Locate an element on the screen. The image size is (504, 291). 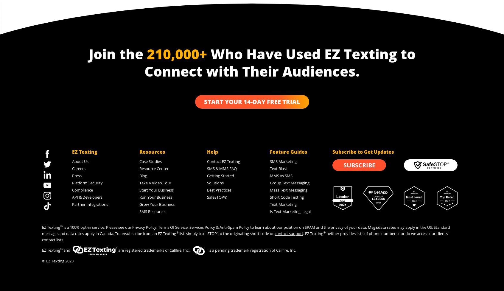
'Who Have Used EZ Texting to Connect with Their Audiences.' is located at coordinates (144, 62).